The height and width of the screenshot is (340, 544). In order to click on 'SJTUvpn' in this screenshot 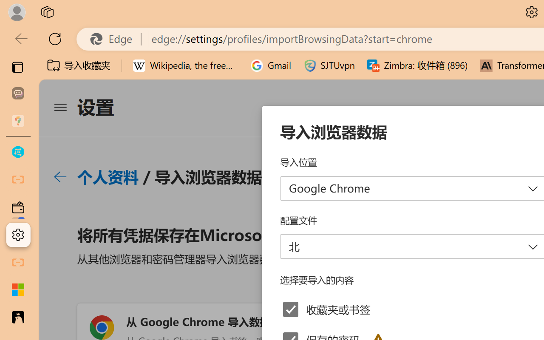, I will do `click(329, 65)`.